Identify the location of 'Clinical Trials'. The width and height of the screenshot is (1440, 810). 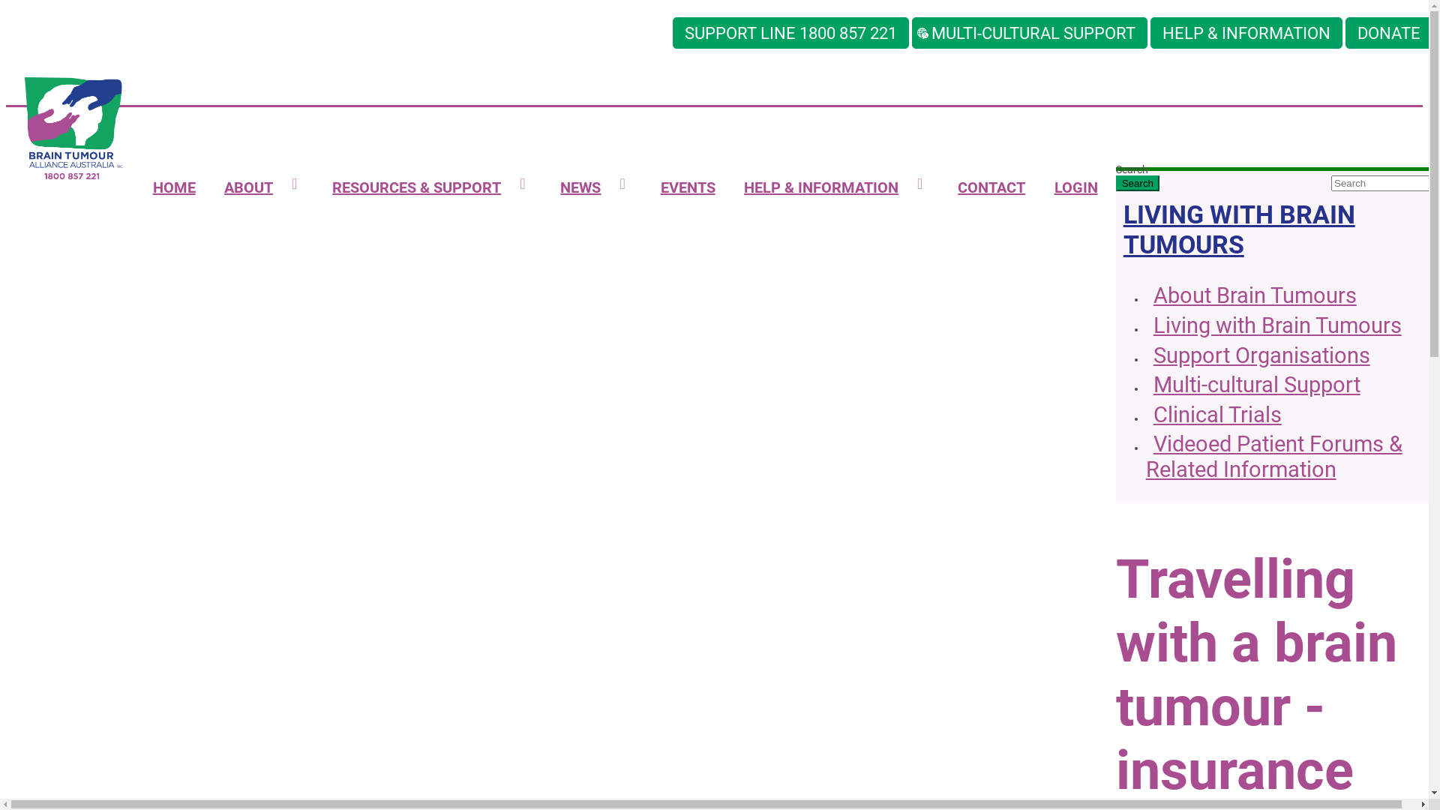
(1213, 416).